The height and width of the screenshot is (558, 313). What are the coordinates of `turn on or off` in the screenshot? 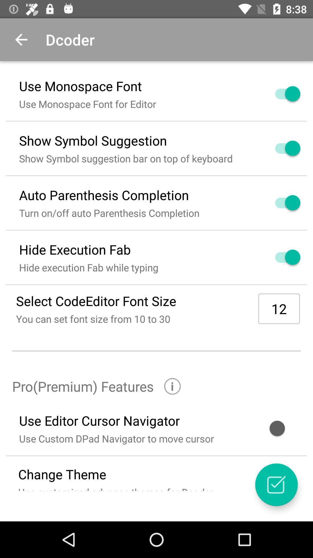 It's located at (281, 203).